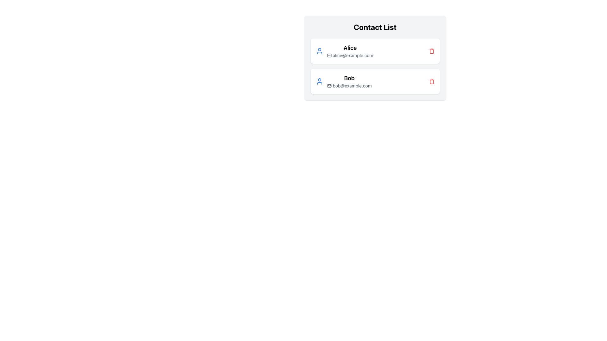  Describe the element at coordinates (375, 27) in the screenshot. I see `the heading text element styled in bold and large font that reads 'Contact List', located at the top center of the contact information section` at that location.